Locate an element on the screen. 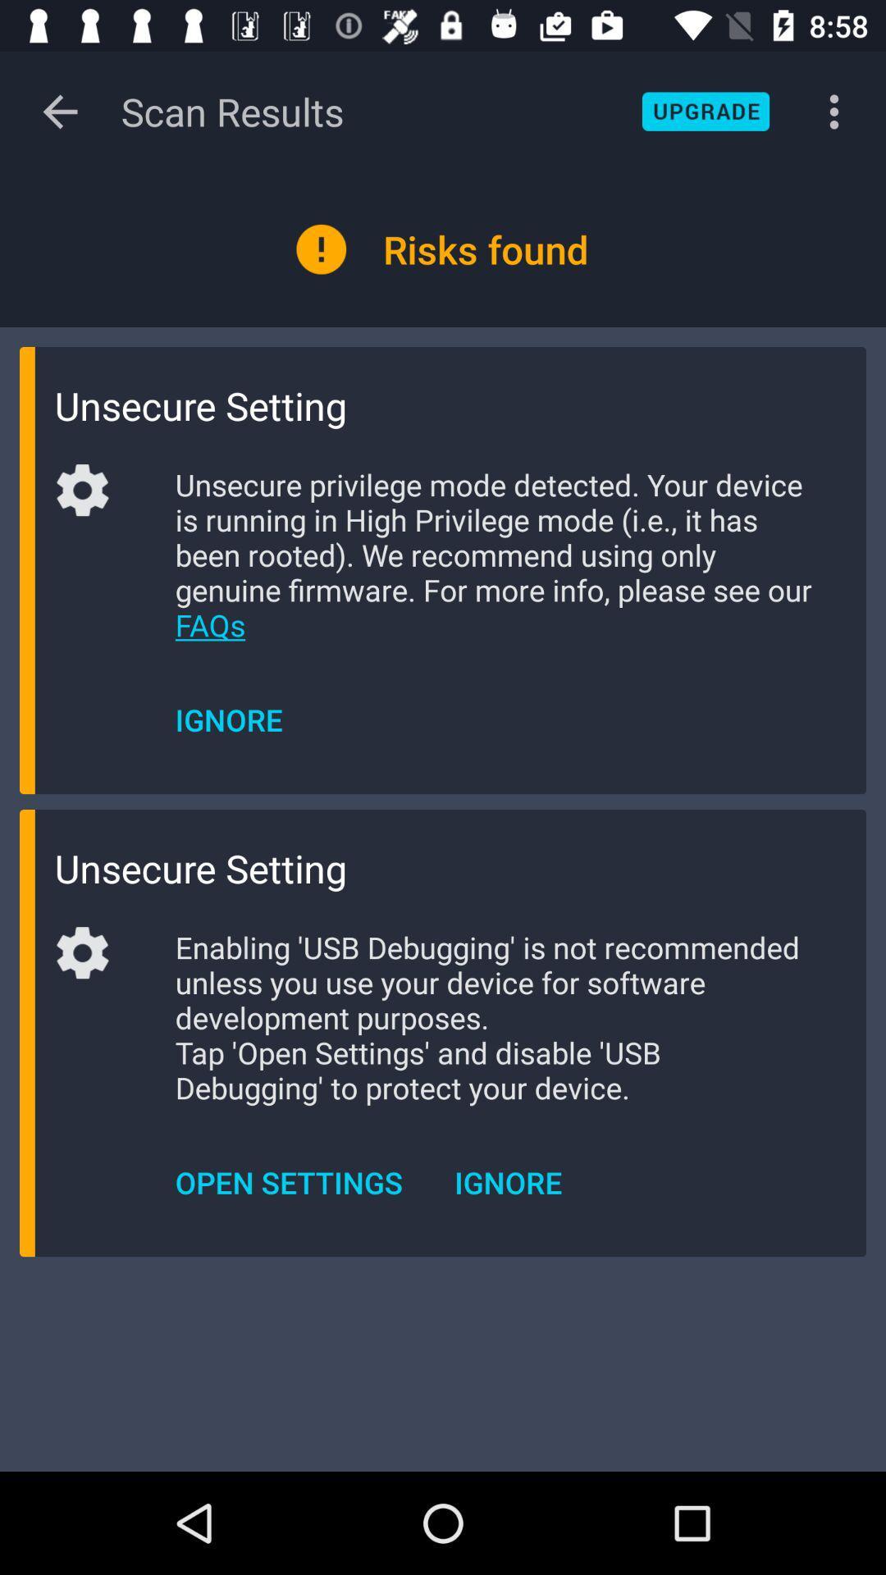 This screenshot has height=1575, width=886. the image left to risks found is located at coordinates (322, 249).